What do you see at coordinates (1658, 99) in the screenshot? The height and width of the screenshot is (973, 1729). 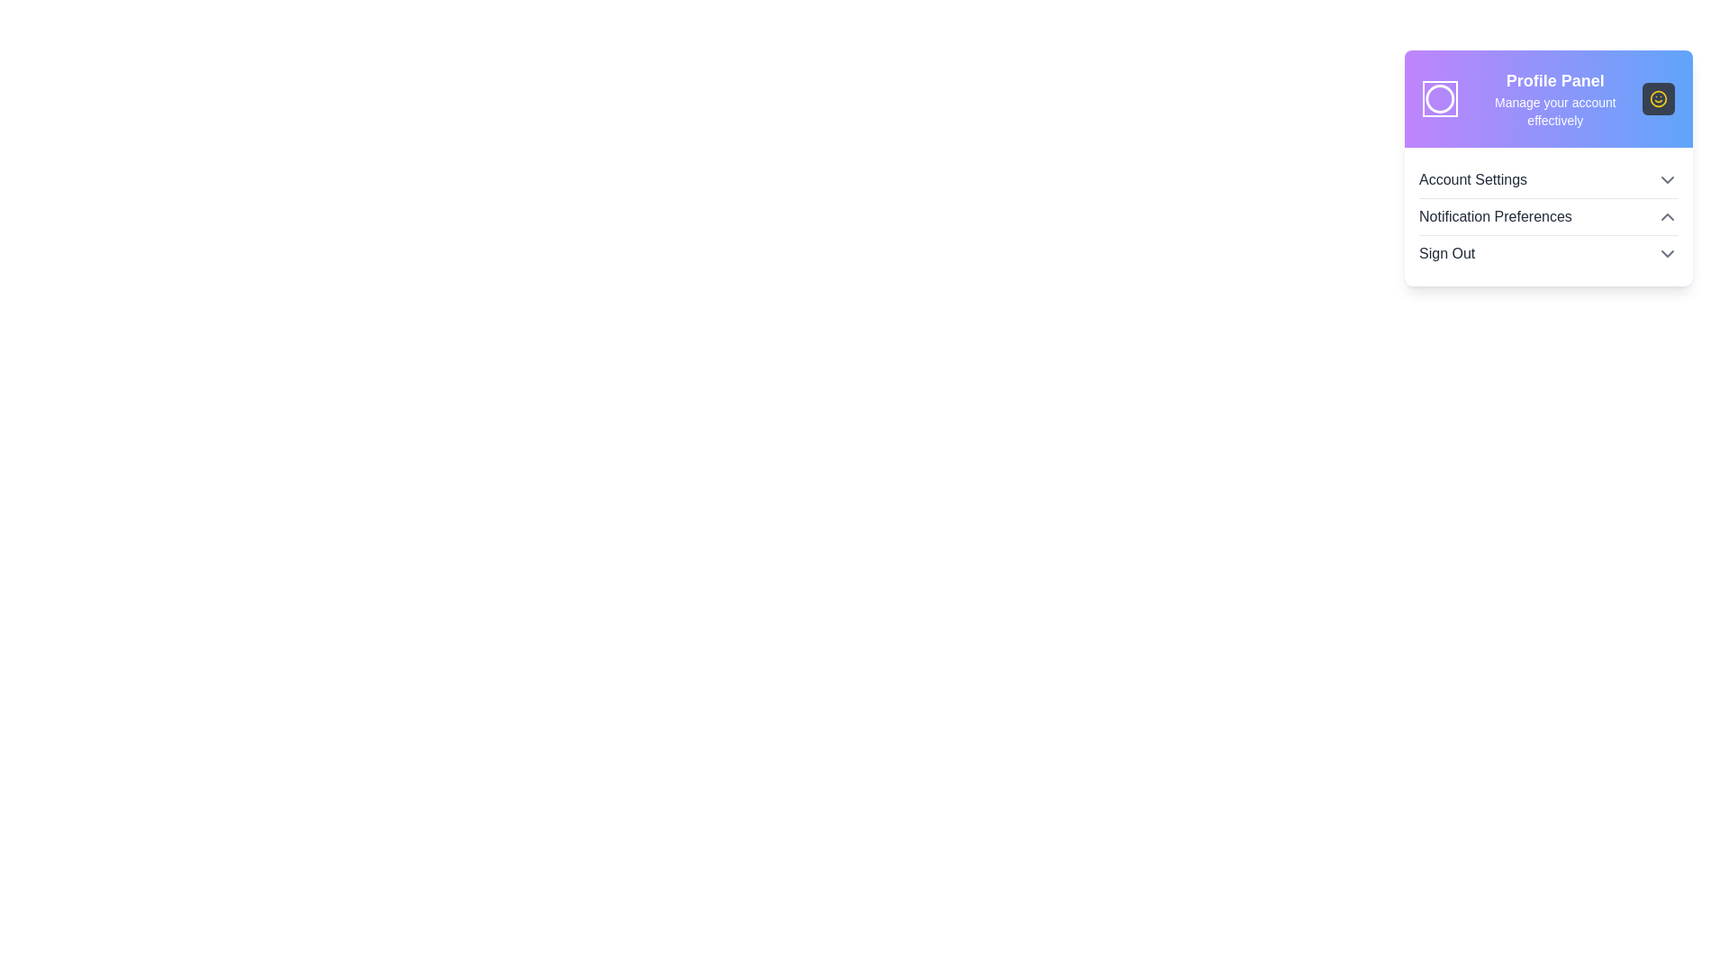 I see `the mood/status indicator icon located in the top-right corner of the header section of the profile panel` at bounding box center [1658, 99].